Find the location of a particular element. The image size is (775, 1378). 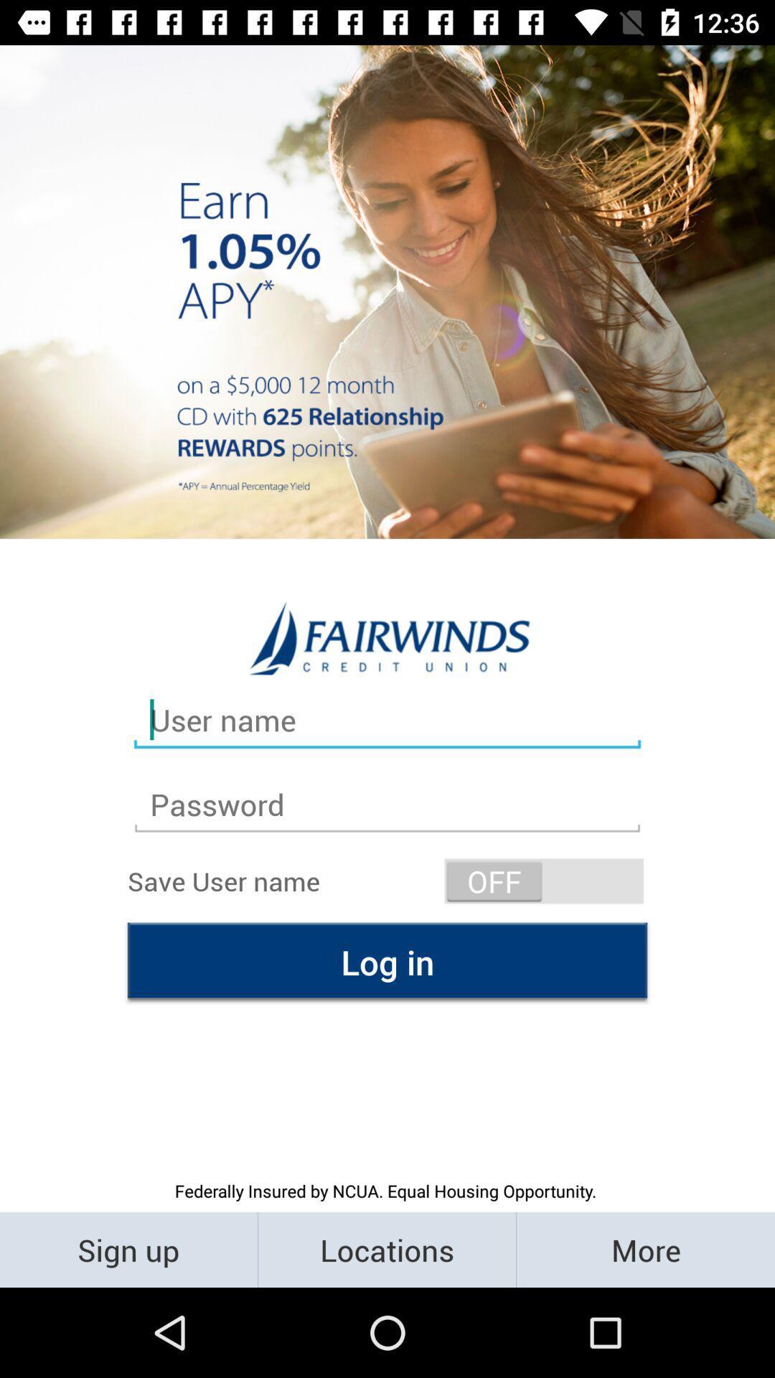

the locations icon is located at coordinates (386, 1249).